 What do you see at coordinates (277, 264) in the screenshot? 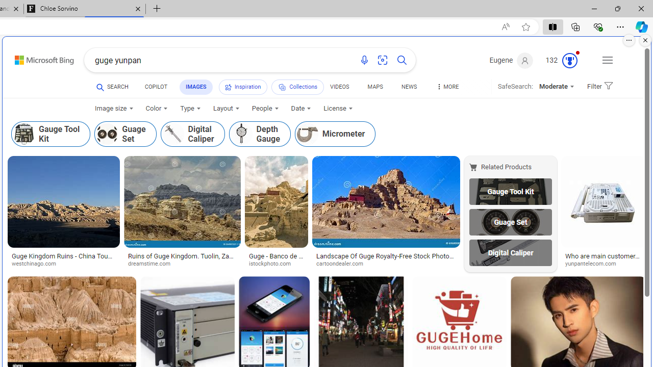
I see `'istockphoto.com'` at bounding box center [277, 264].